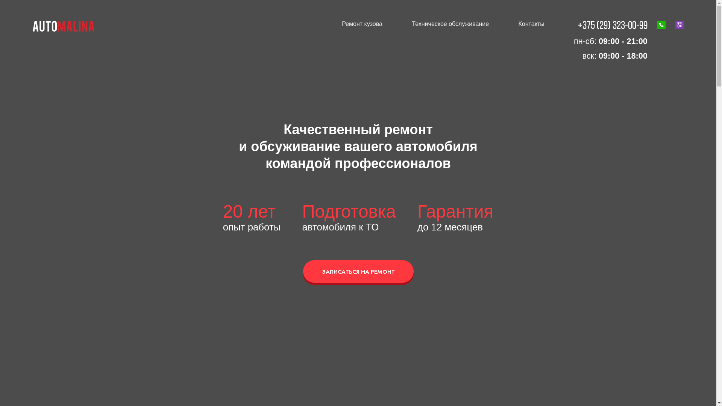 The image size is (722, 406). I want to click on '+375 (29) 323-00-99', so click(577, 26).